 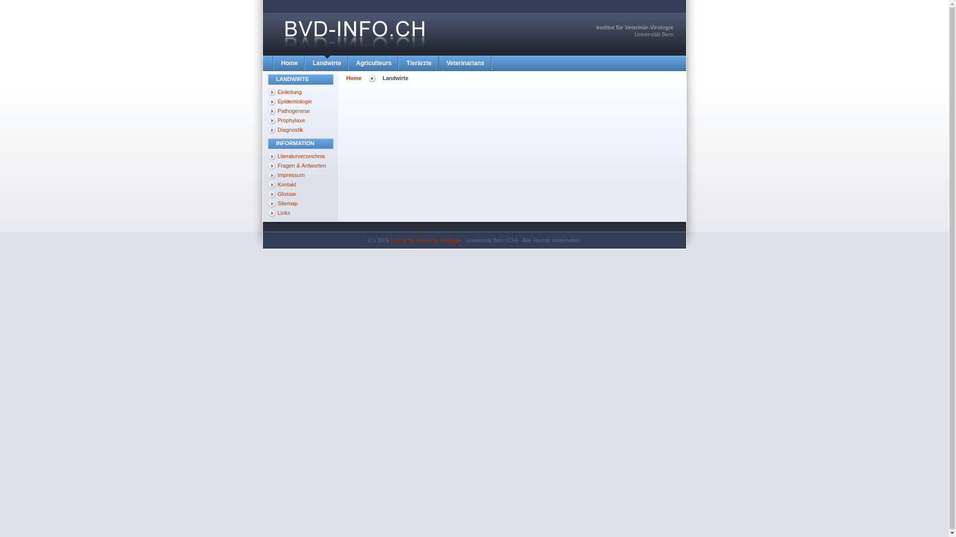 I want to click on 'Literaturverzeichnis', so click(x=300, y=156).